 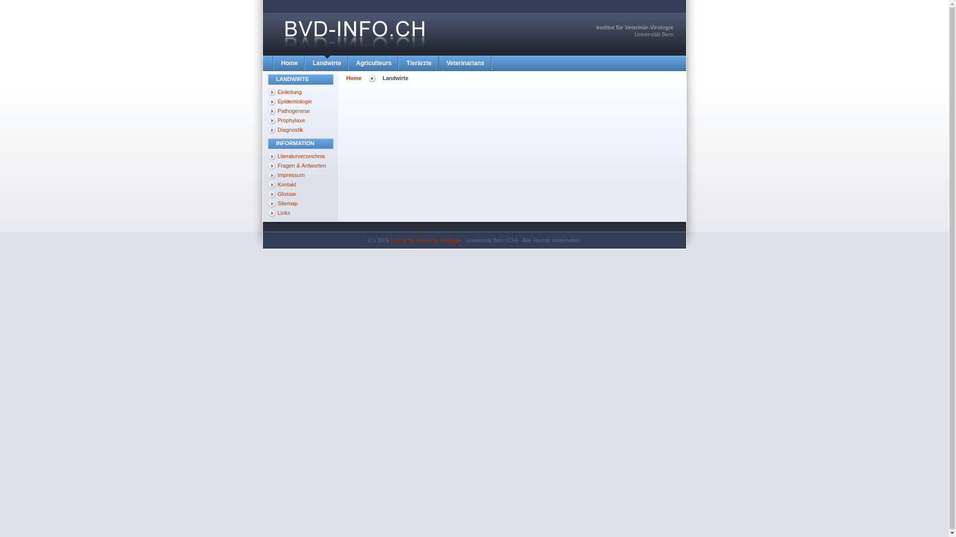 I want to click on 'Literaturverzeichnis', so click(x=300, y=156).